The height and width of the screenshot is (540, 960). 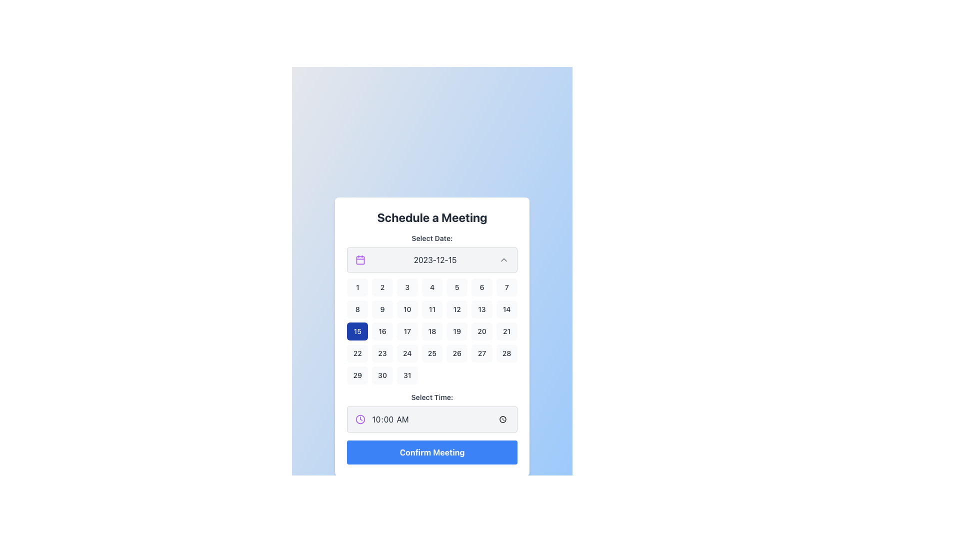 What do you see at coordinates (407, 331) in the screenshot?
I see `the button displaying the number '17' in the 'Schedule a Meeting' interface` at bounding box center [407, 331].